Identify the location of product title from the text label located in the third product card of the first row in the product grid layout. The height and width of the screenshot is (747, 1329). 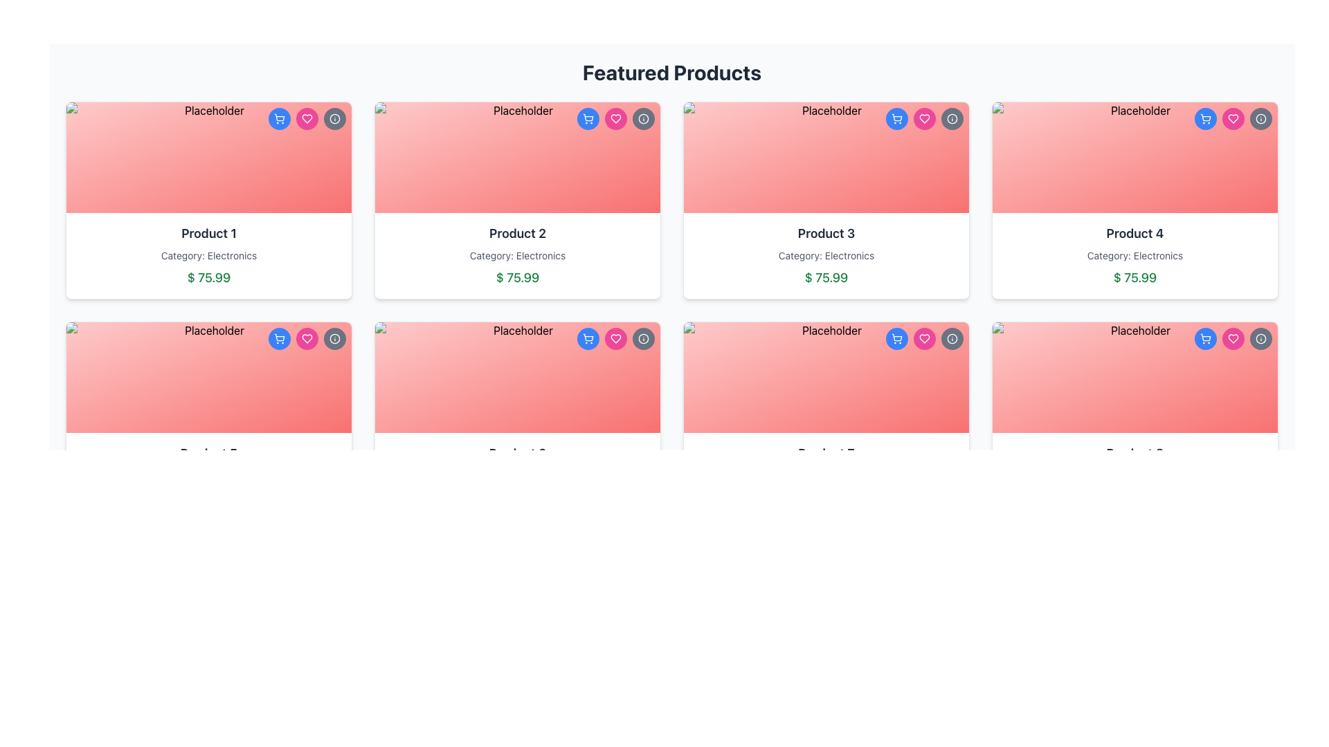
(826, 233).